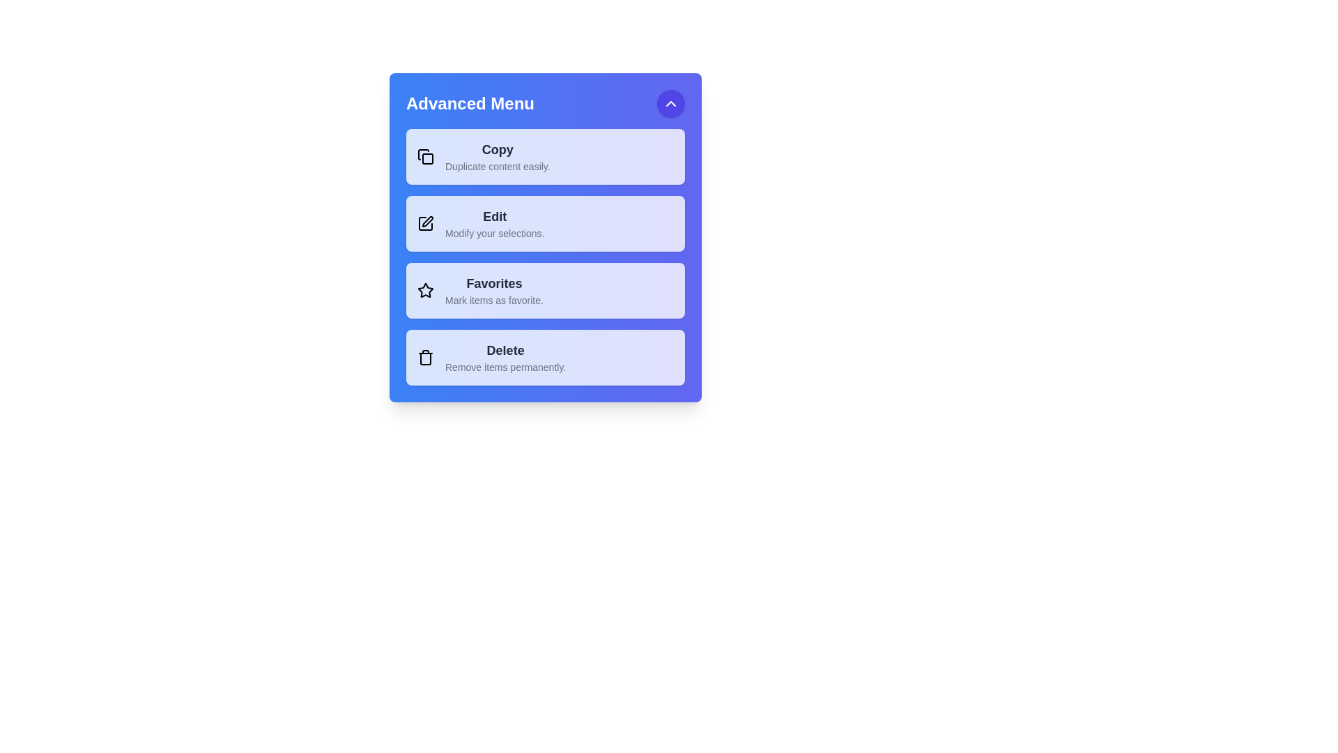  What do you see at coordinates (544, 357) in the screenshot?
I see `the menu item labeled Delete to observe the visual feedback` at bounding box center [544, 357].